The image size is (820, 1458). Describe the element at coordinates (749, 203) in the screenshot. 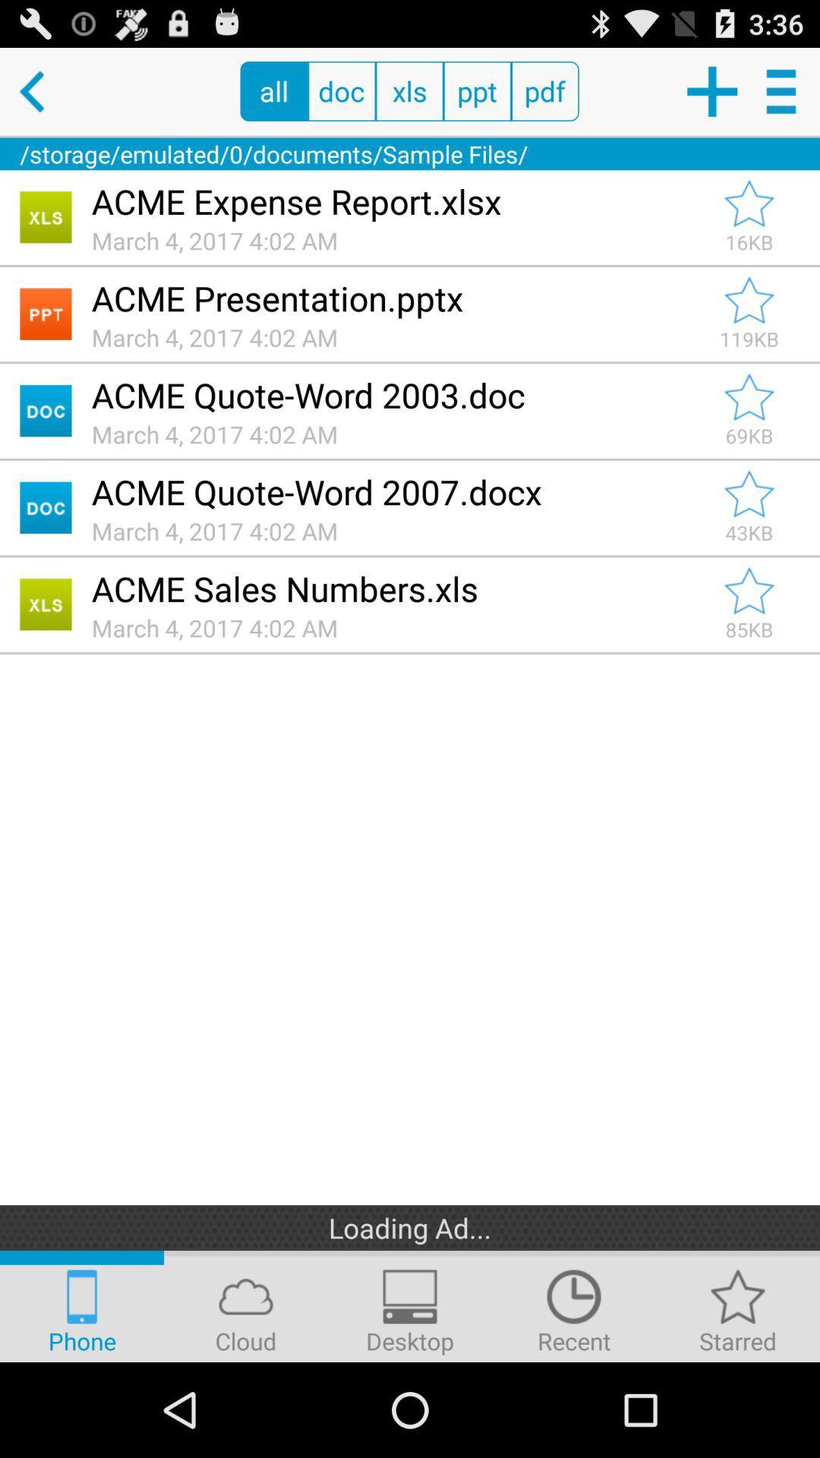

I see `mark as a favorite` at that location.